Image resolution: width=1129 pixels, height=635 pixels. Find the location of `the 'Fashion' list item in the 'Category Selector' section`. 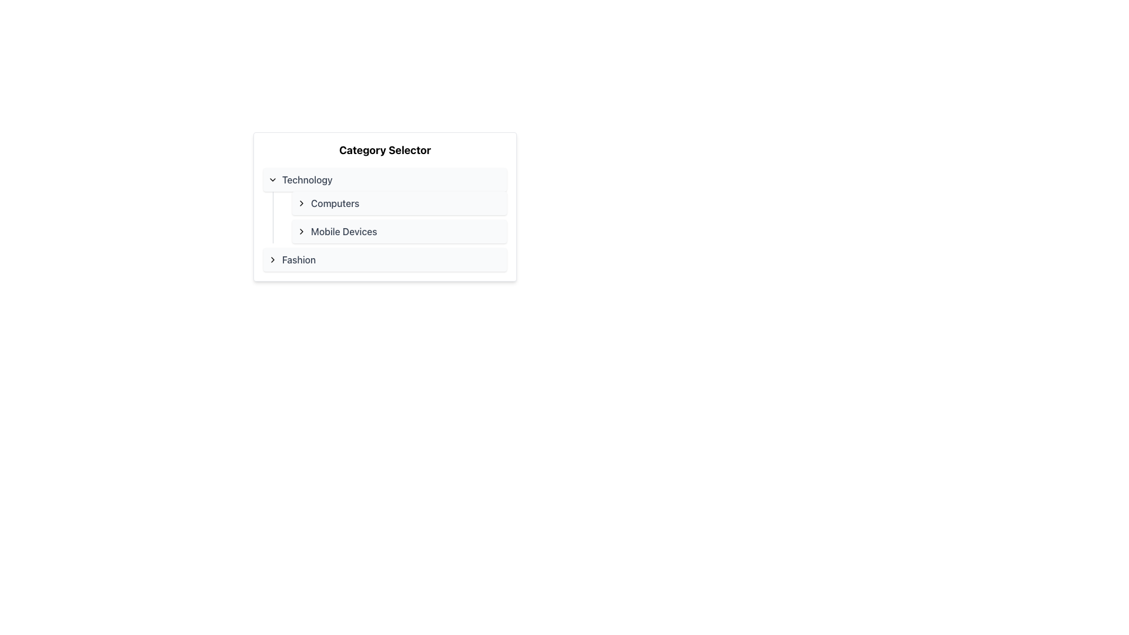

the 'Fashion' list item in the 'Category Selector' section is located at coordinates (385, 259).